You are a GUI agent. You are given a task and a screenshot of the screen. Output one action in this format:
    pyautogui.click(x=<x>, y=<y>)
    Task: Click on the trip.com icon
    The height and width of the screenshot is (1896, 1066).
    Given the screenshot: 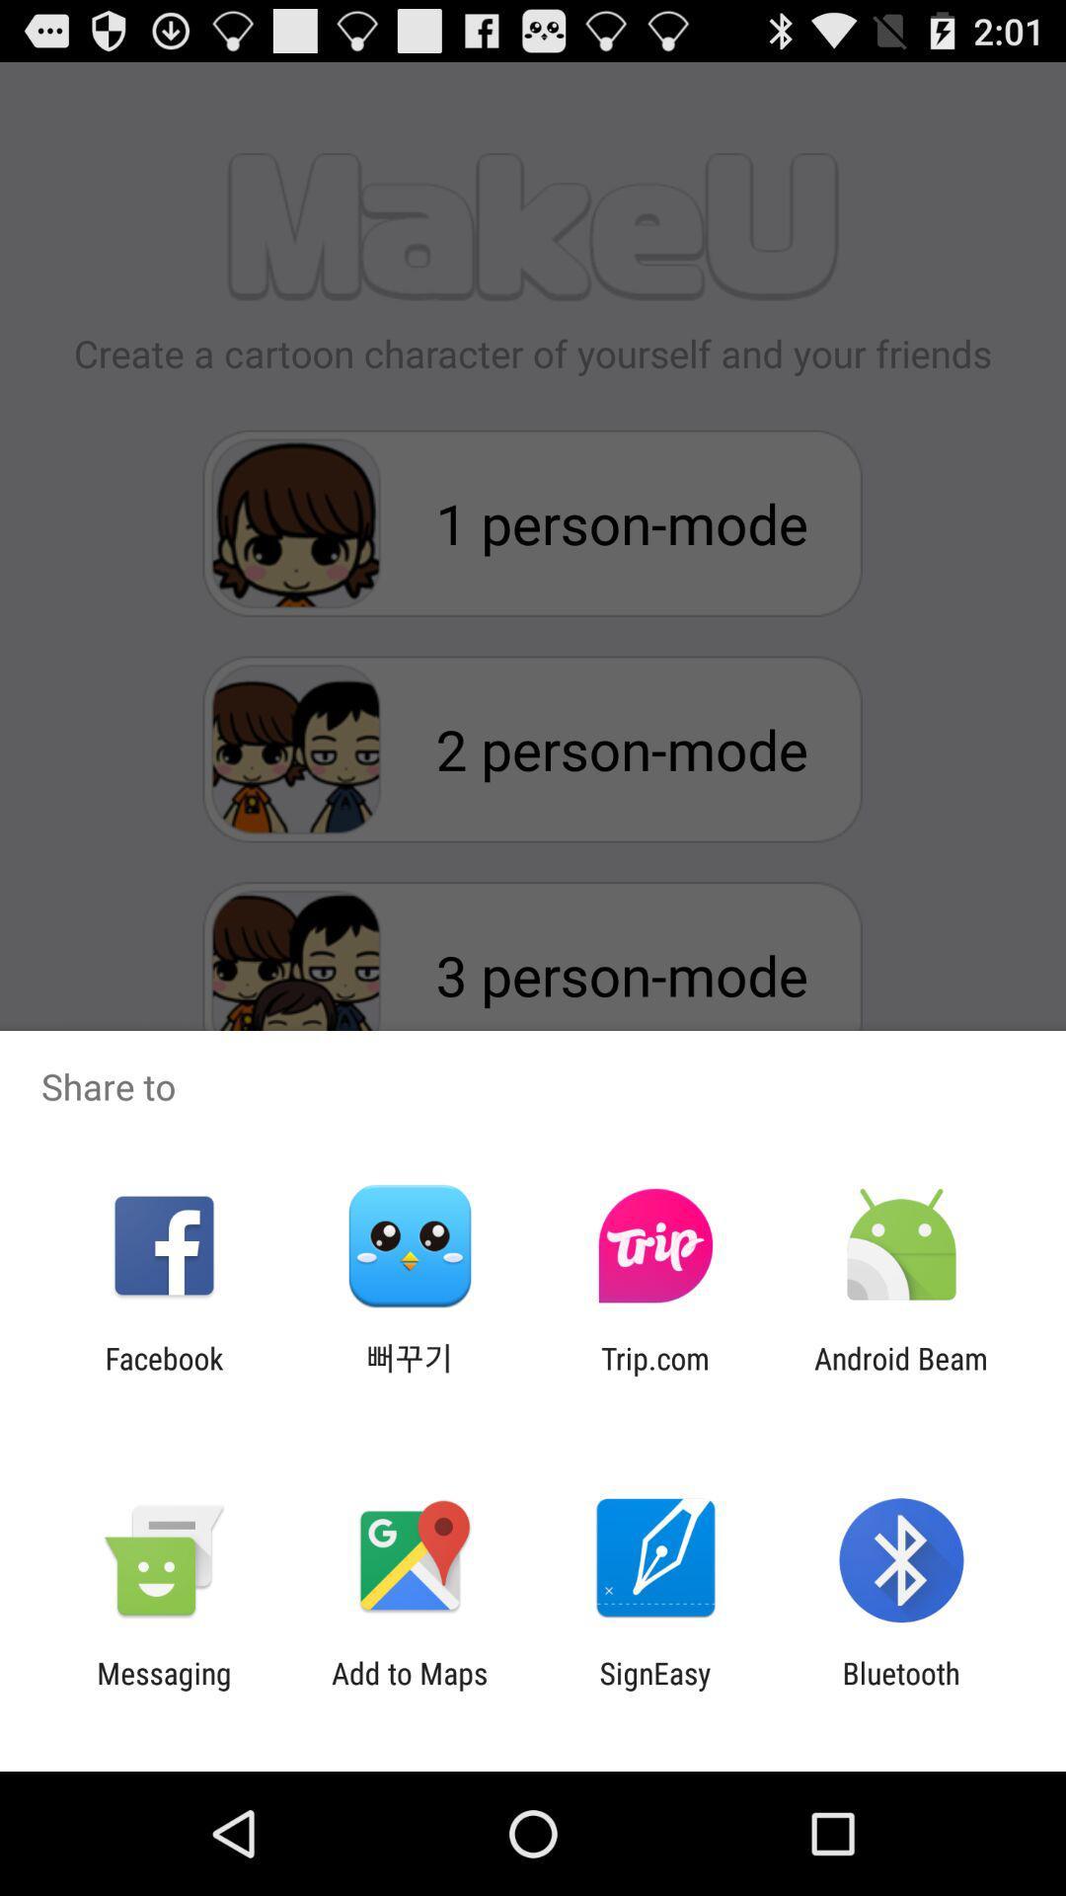 What is the action you would take?
    pyautogui.click(x=655, y=1375)
    